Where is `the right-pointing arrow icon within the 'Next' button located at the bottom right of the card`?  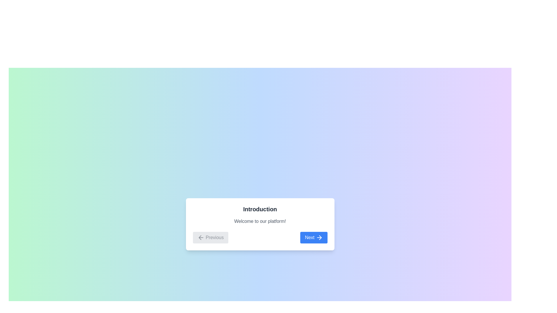
the right-pointing arrow icon within the 'Next' button located at the bottom right of the card is located at coordinates (320, 238).